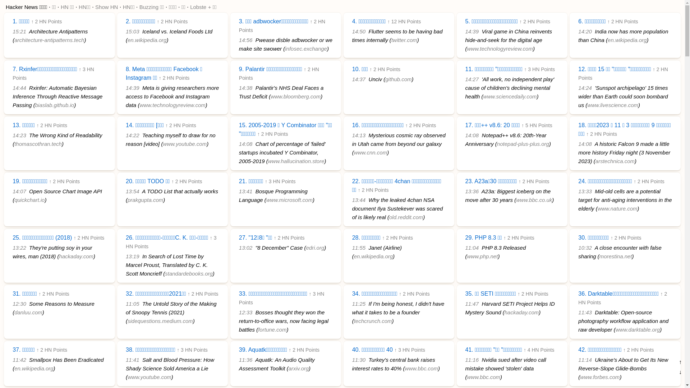  I want to click on '14:37', so click(359, 79).